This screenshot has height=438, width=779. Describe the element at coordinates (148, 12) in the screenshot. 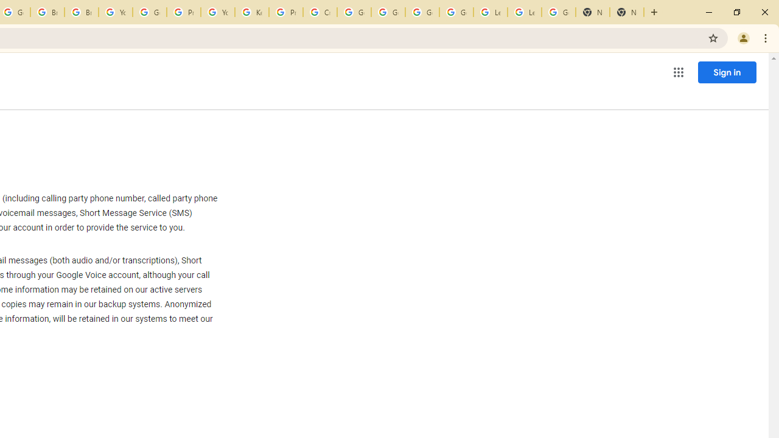

I see `'Google Account Help'` at that location.